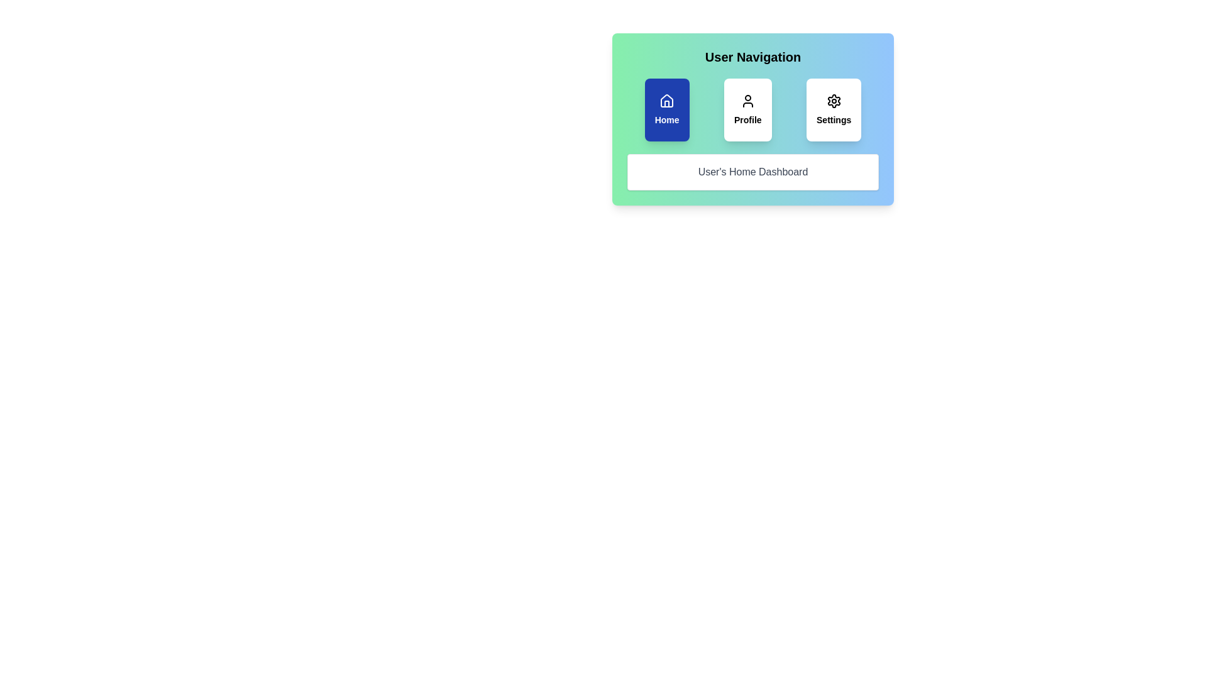 The width and height of the screenshot is (1207, 679). I want to click on the Settings tab by clicking on its respective button, so click(834, 109).